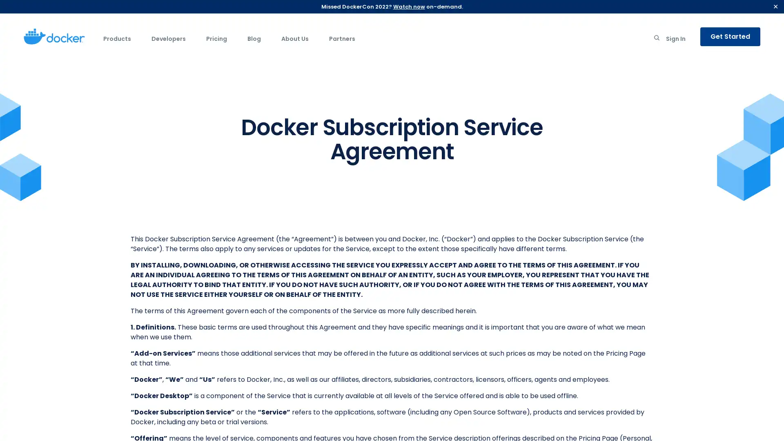 The width and height of the screenshot is (784, 441). What do you see at coordinates (657, 39) in the screenshot?
I see `Search` at bounding box center [657, 39].